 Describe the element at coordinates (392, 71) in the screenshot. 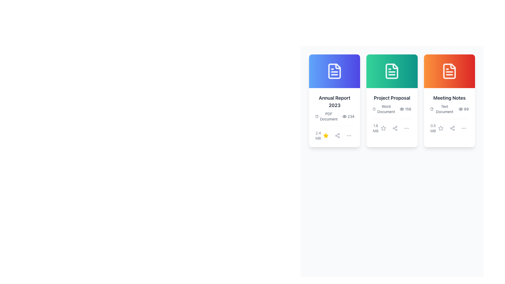

I see `the document icon located at the top part of the middle card in a three-card horizontal layout, which visually represents a document` at that location.